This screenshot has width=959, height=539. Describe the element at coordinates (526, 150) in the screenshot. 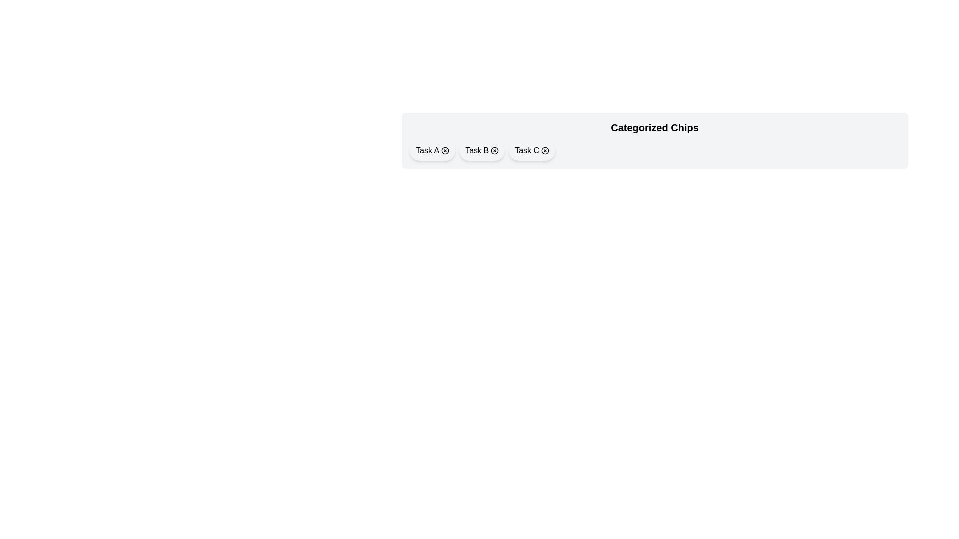

I see `the text of chip Task C to select it` at that location.